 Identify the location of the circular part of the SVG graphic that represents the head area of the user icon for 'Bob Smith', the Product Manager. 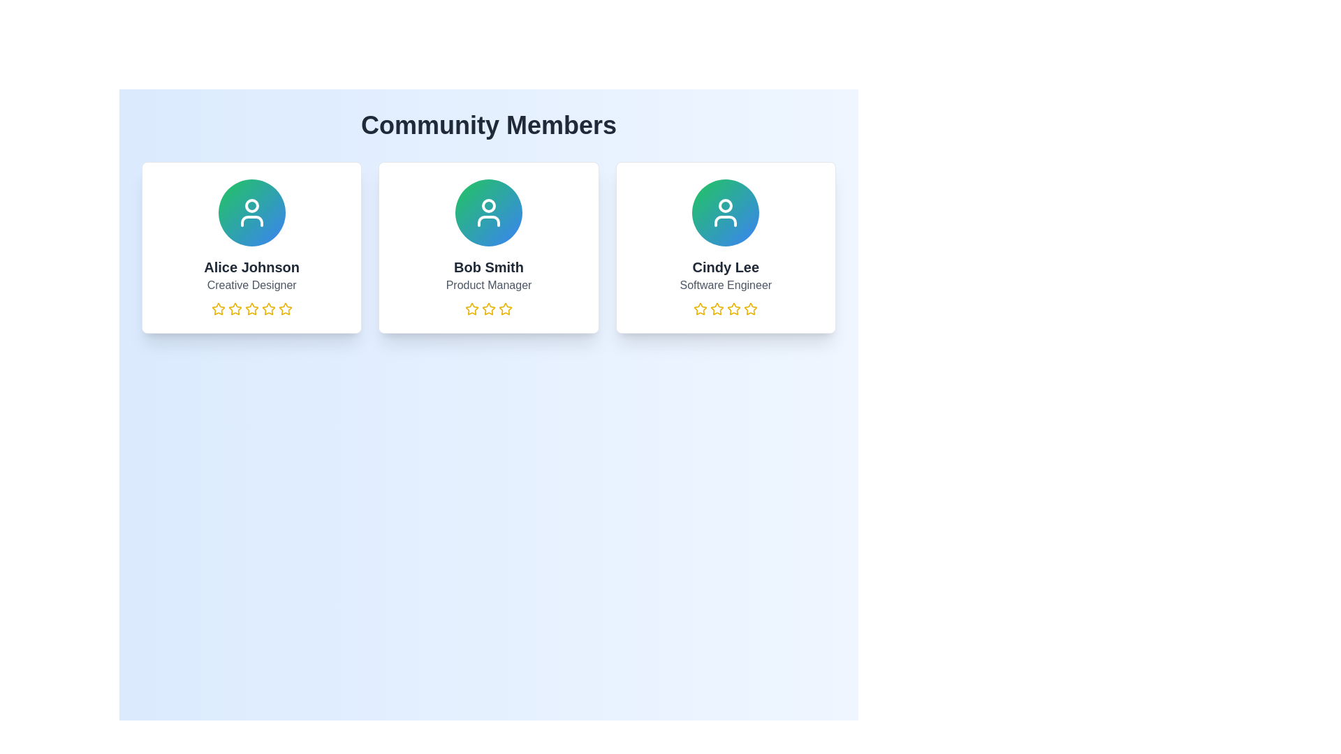
(489, 205).